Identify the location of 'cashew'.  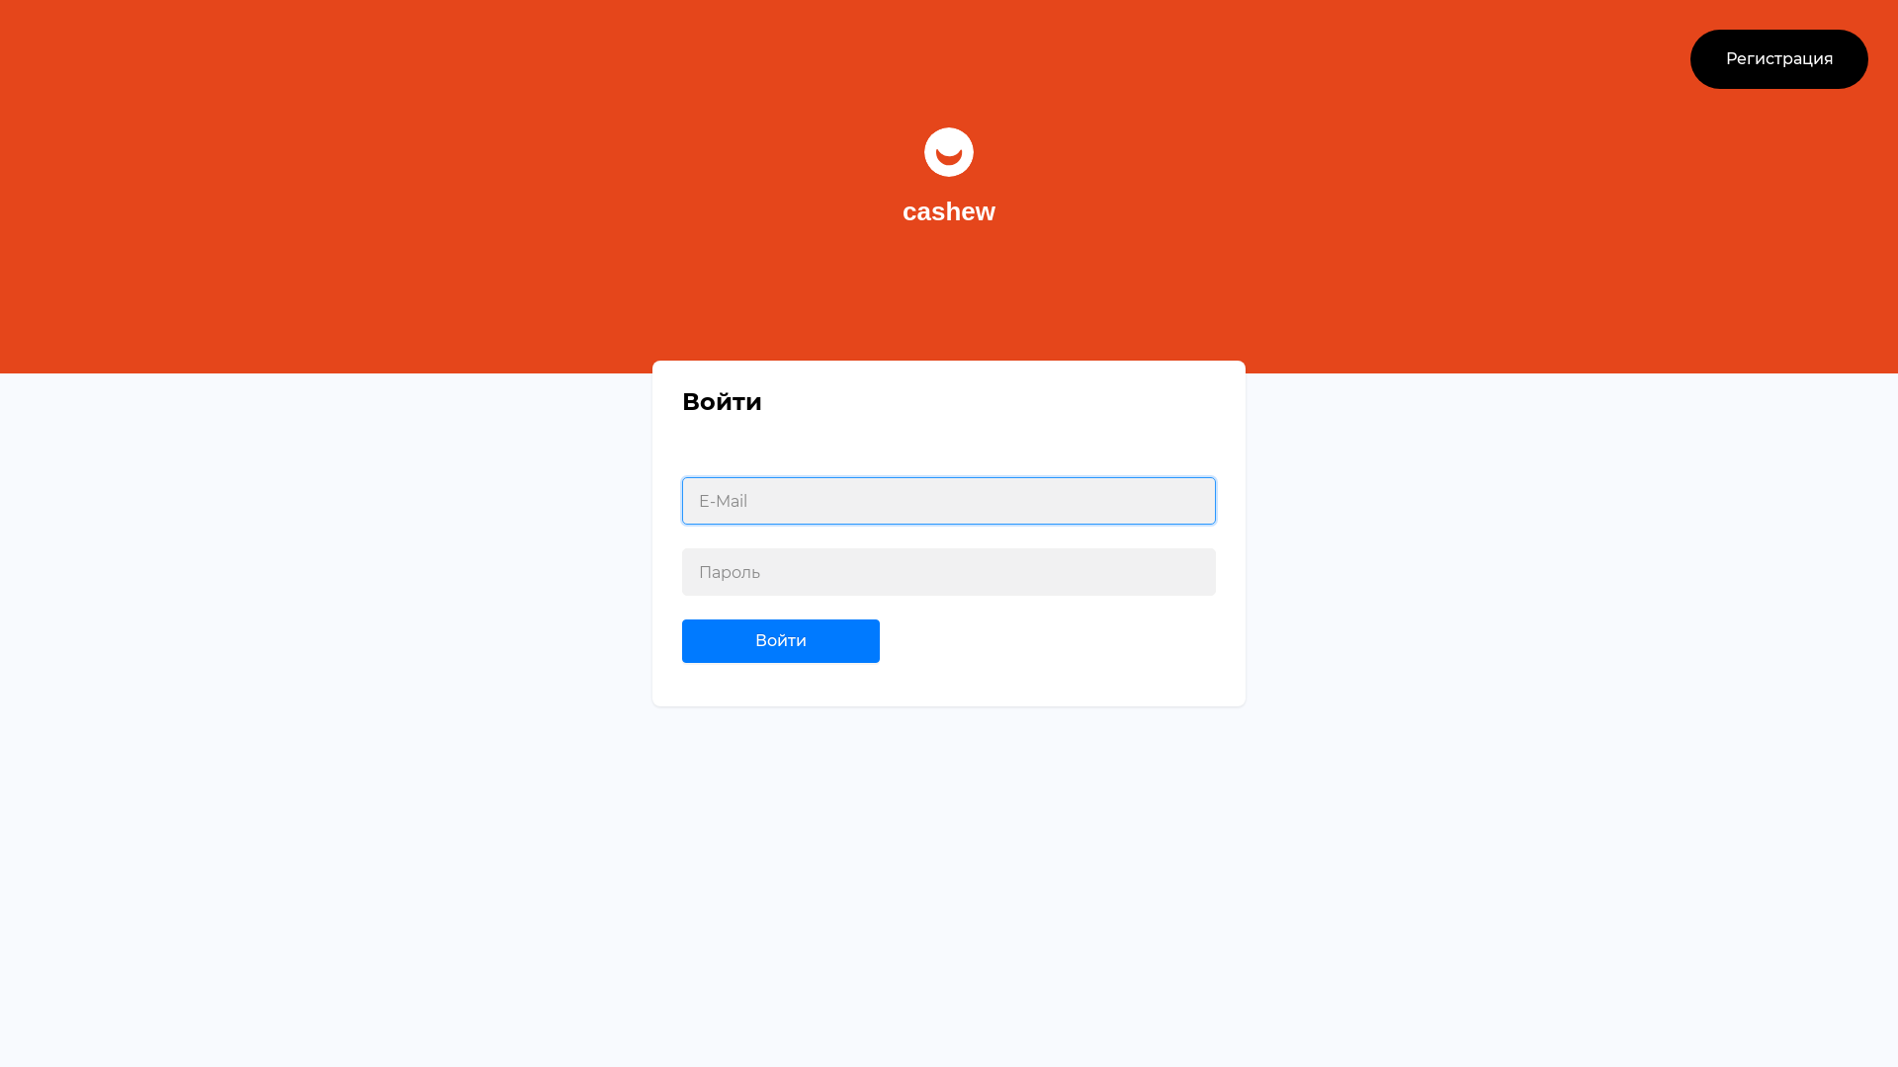
(949, 187).